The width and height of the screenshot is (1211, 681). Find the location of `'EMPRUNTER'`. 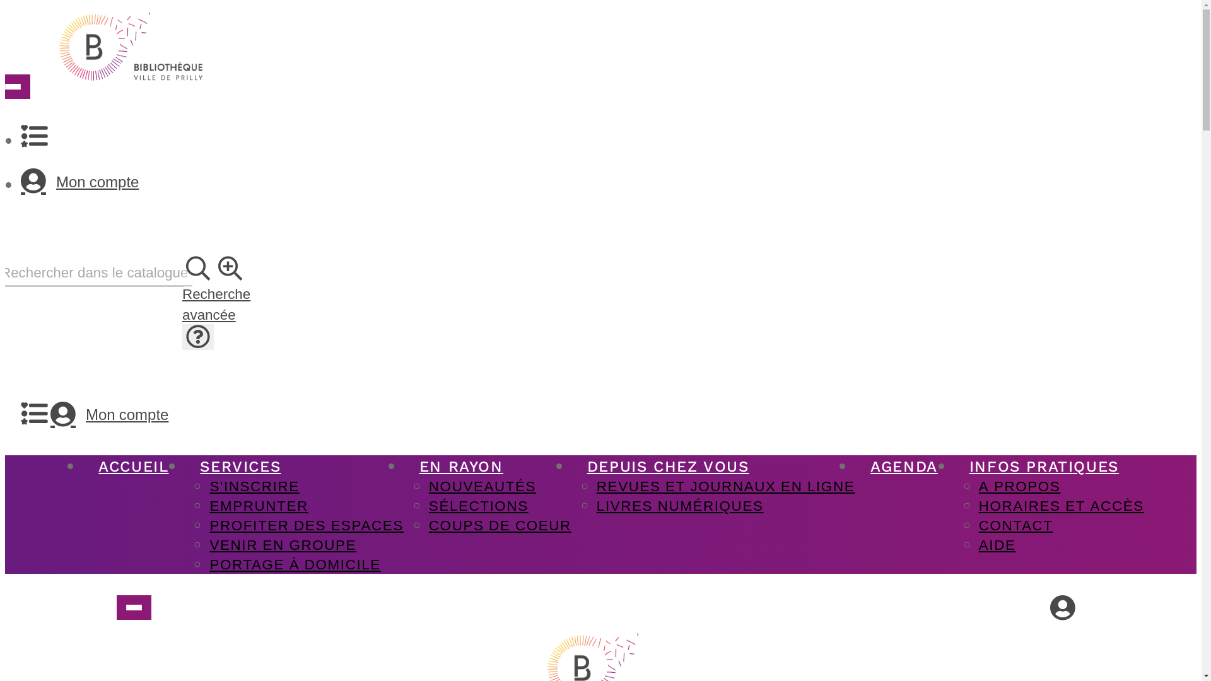

'EMPRUNTER' is located at coordinates (257, 504).